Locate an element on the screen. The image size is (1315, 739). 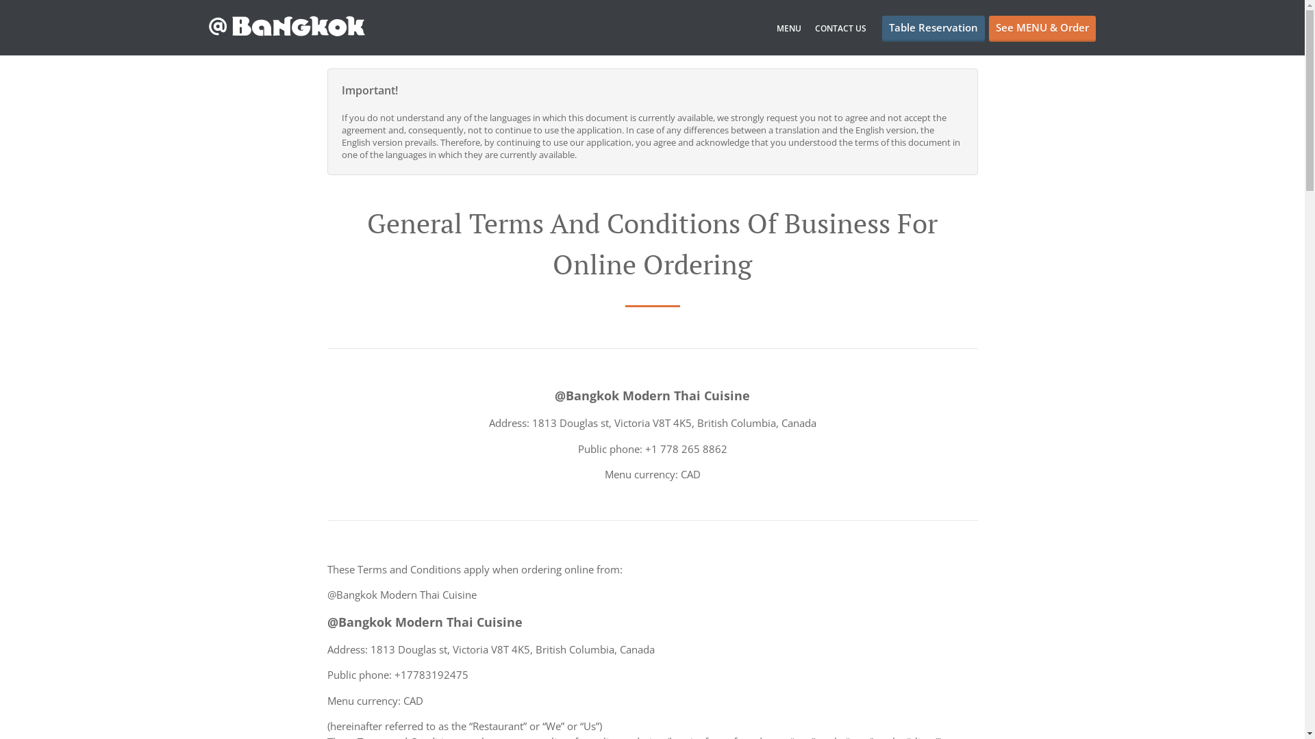
'CONTACT US' is located at coordinates (840, 28).